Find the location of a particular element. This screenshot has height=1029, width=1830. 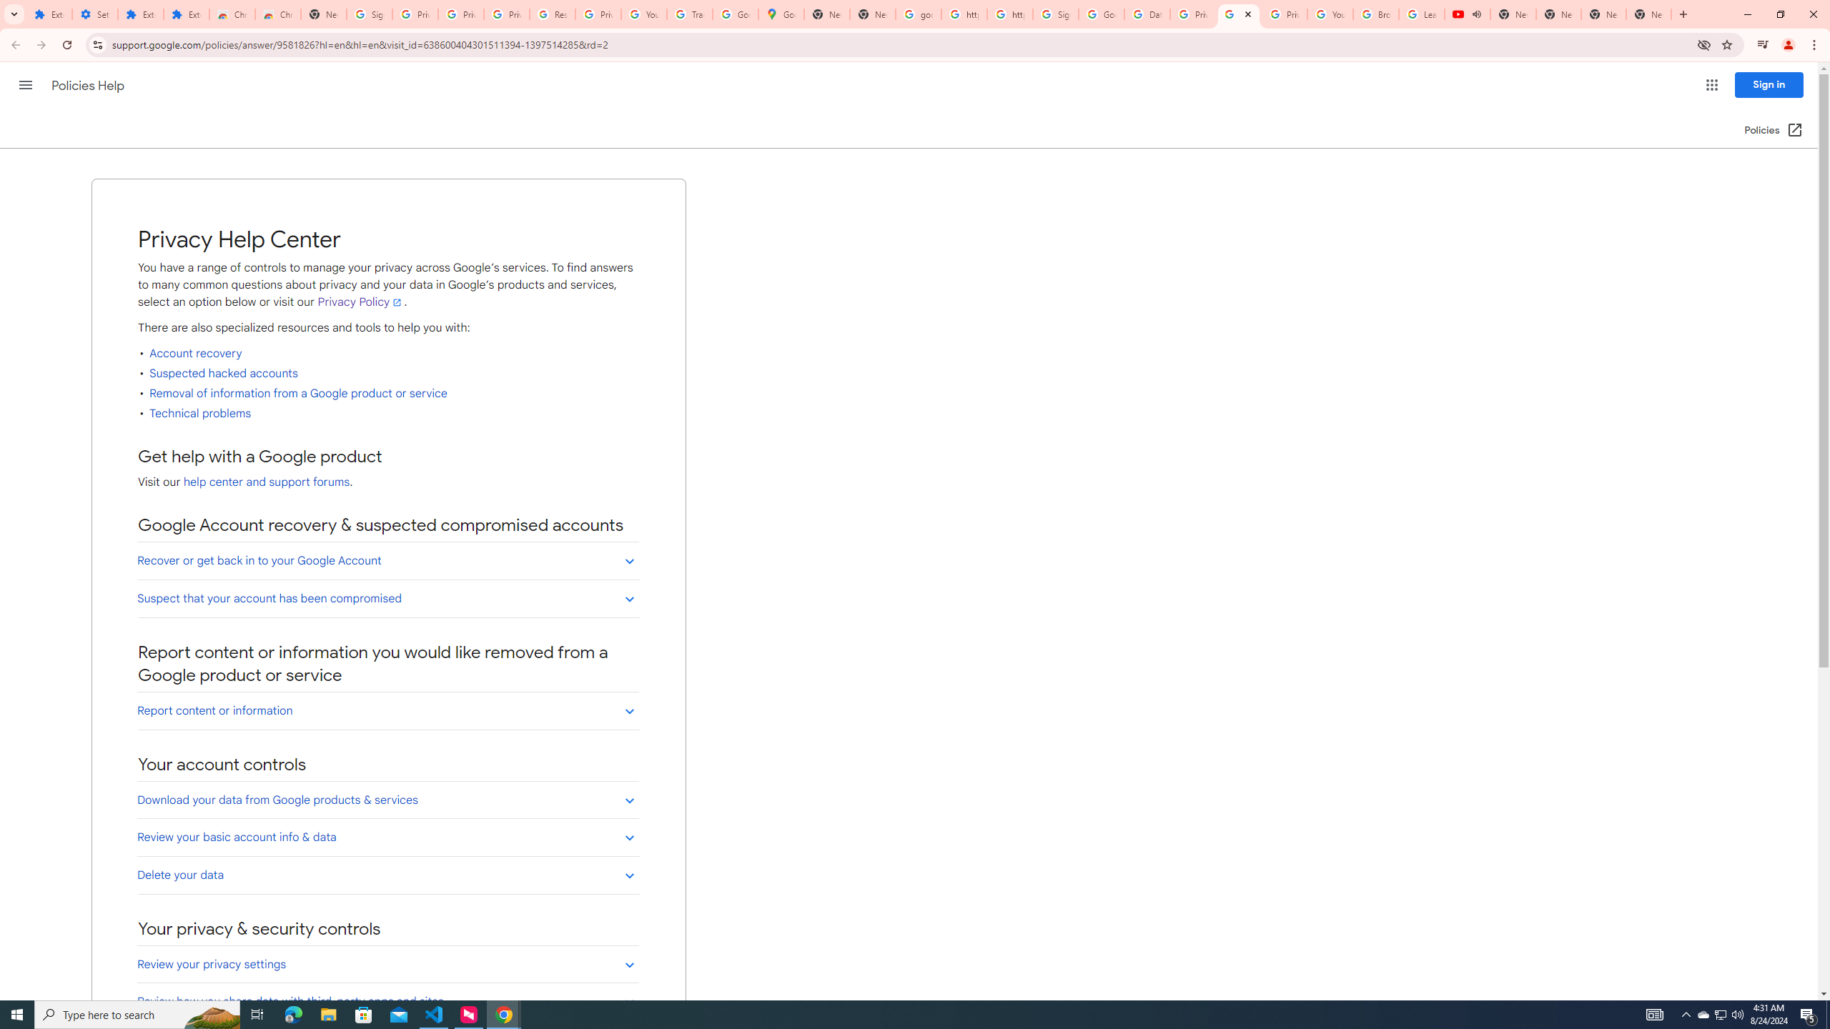

'Policies (Open in a new window)' is located at coordinates (1773, 129).